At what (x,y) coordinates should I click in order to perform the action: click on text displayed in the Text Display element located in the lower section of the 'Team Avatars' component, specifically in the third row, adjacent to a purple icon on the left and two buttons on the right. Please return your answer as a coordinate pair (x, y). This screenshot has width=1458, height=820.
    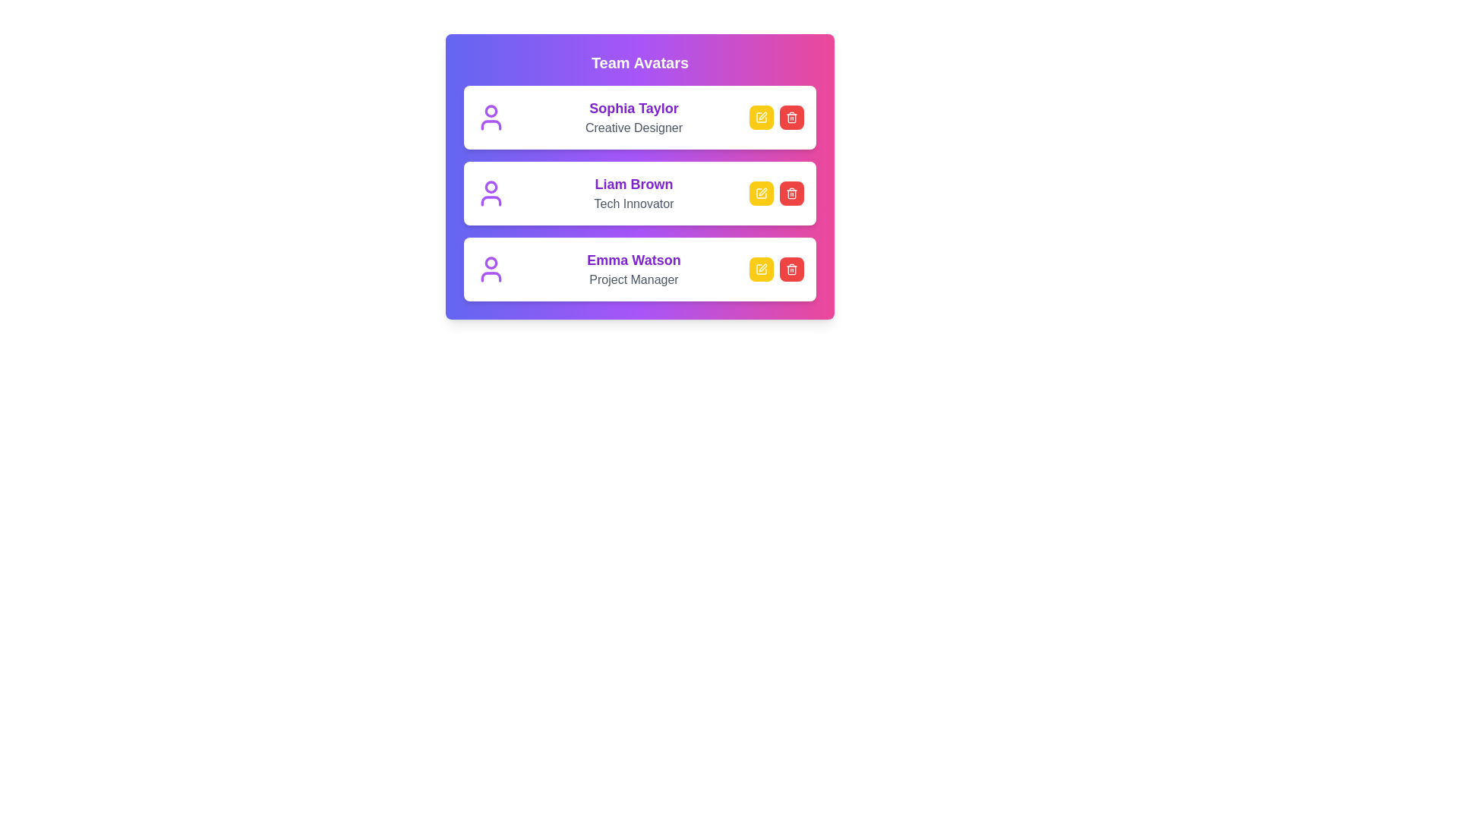
    Looking at the image, I should click on (634, 268).